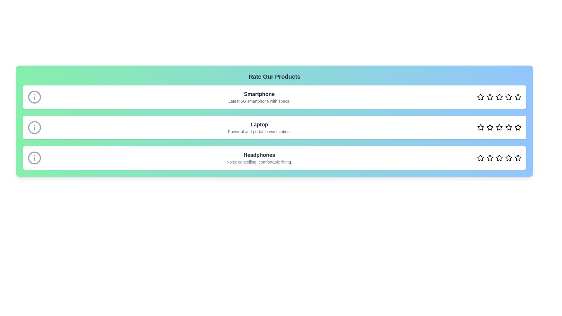 The image size is (562, 316). What do you see at coordinates (508, 127) in the screenshot?
I see `the third star icon in the rating system for the 'Laptop' product` at bounding box center [508, 127].